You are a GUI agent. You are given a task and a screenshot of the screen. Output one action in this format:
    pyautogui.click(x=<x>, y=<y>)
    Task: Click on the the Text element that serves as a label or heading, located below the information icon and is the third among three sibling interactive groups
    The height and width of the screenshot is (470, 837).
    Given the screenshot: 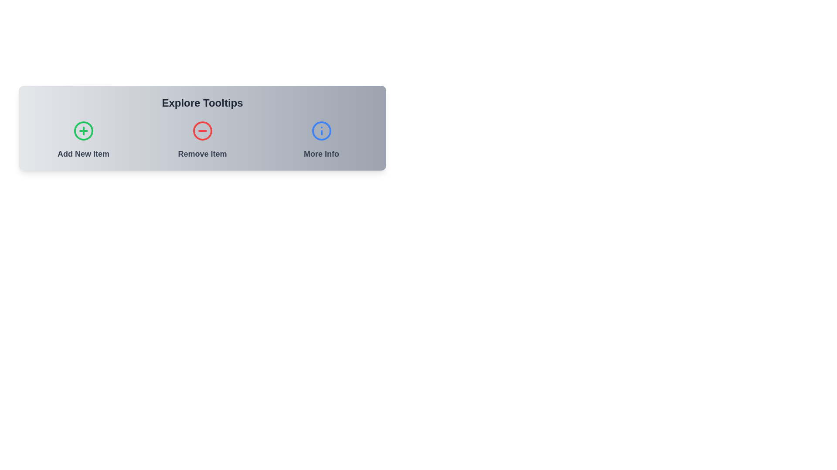 What is the action you would take?
    pyautogui.click(x=321, y=154)
    